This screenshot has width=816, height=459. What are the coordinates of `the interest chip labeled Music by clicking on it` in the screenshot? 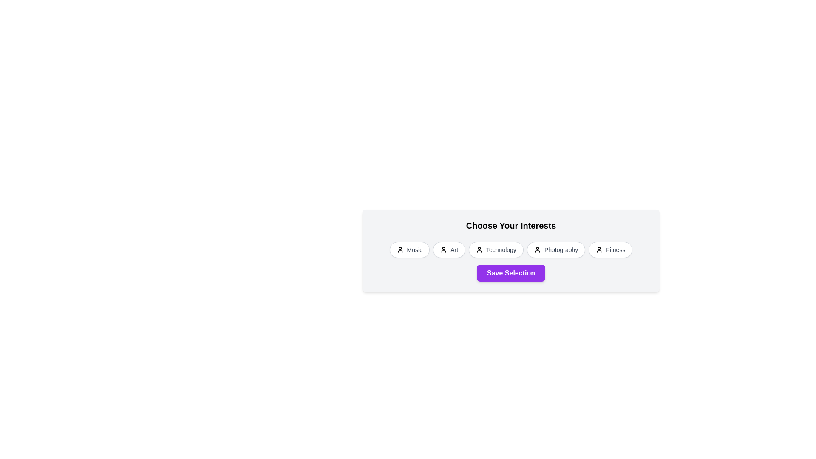 It's located at (409, 249).